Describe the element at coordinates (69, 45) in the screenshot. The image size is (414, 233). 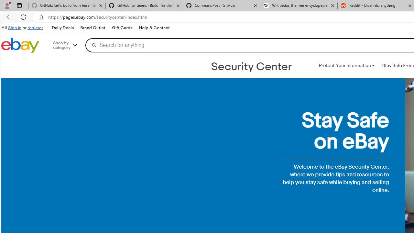
I see `'Shop by category'` at that location.